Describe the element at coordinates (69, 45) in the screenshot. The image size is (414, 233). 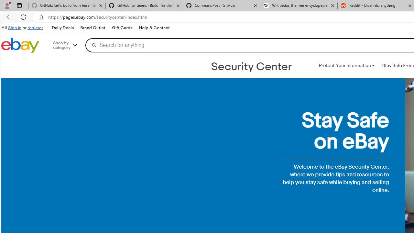
I see `'Shop by category'` at that location.